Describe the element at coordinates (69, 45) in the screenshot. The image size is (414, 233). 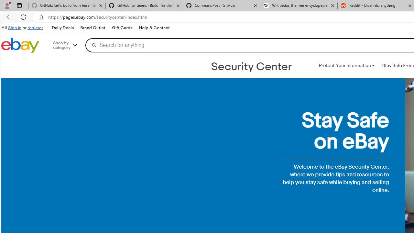
I see `'Shop by category'` at that location.